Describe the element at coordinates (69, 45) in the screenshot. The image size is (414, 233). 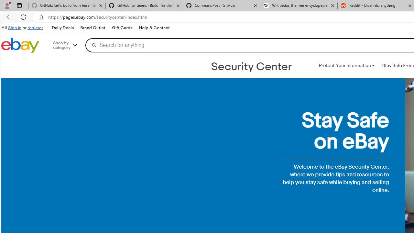
I see `'Shop by category'` at that location.